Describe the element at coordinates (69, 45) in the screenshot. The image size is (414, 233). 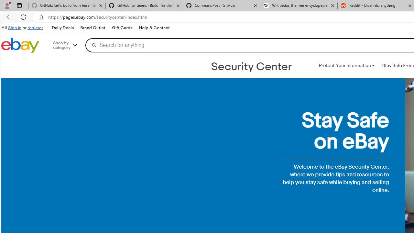
I see `'Shop by category'` at that location.